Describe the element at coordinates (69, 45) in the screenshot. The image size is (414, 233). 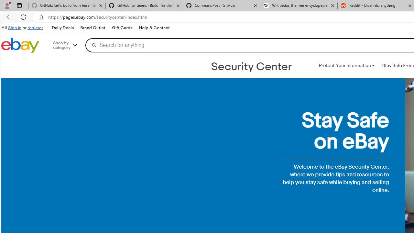
I see `'Shop by category'` at that location.